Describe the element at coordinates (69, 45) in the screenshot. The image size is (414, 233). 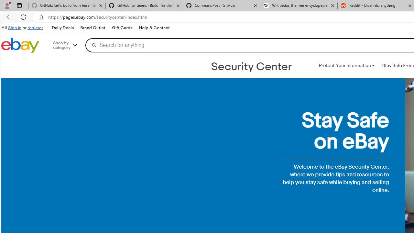
I see `'Shop by category'` at that location.